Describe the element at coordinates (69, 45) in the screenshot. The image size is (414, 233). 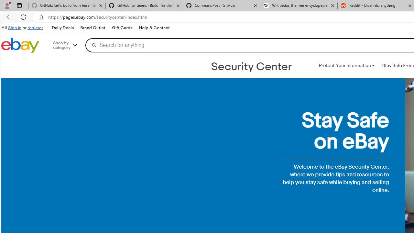
I see `'Shop by category'` at that location.